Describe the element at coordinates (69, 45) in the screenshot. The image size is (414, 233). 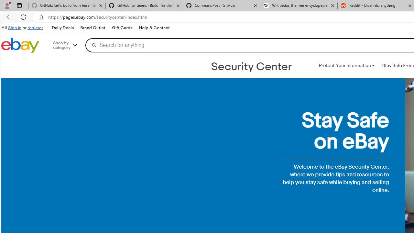
I see `'Shop by category'` at that location.